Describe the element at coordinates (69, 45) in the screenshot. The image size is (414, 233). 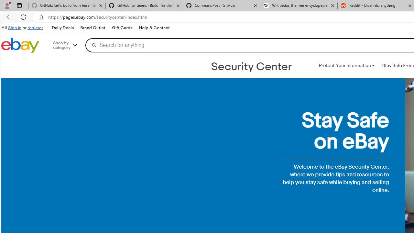
I see `'Shop by category'` at that location.